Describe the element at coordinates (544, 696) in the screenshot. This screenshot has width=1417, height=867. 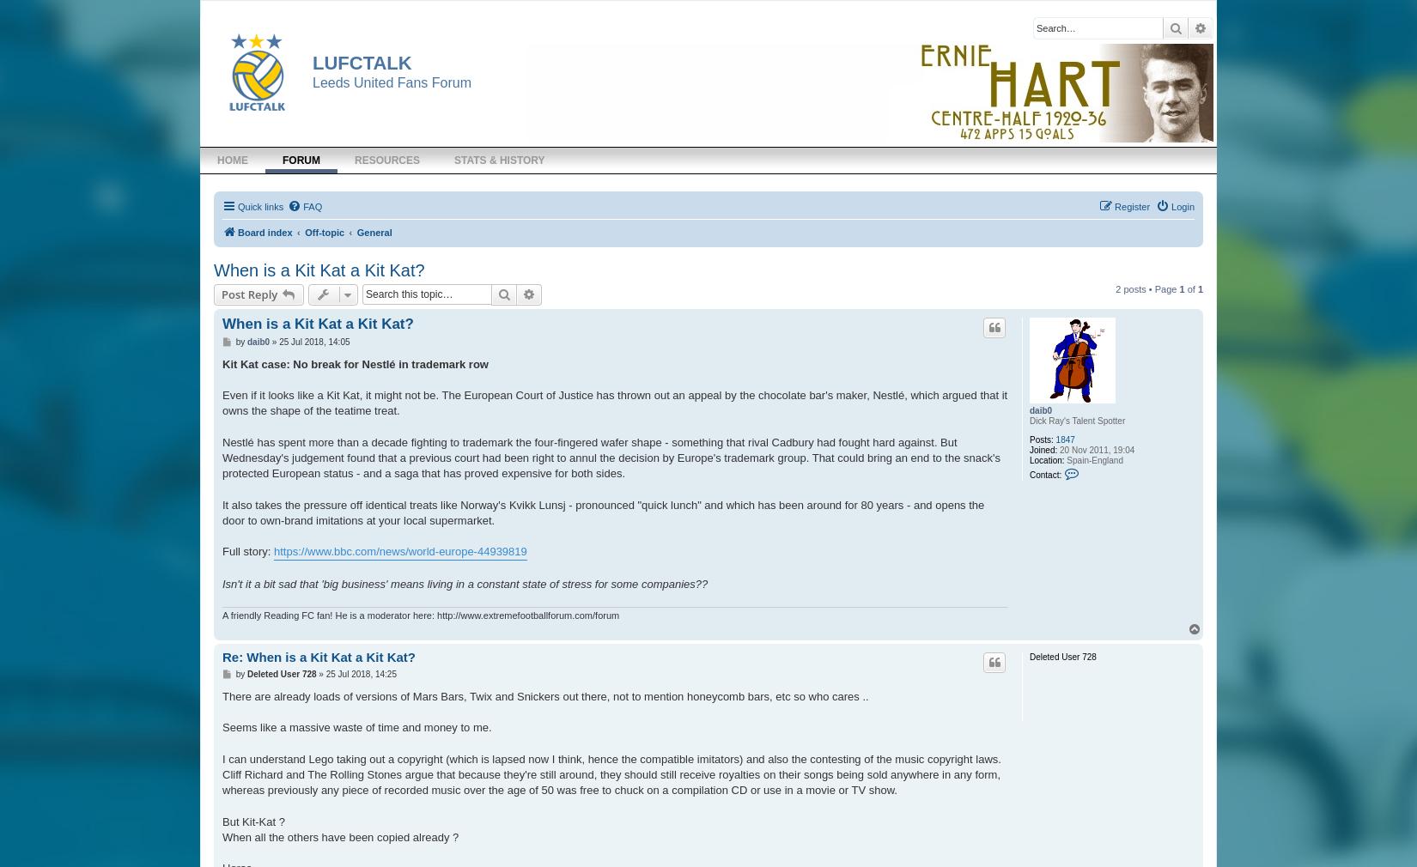
I see `'There are already loads of versions of Mars Bars, Twix and Snickers out there, not to mention honeycomb bars, etc so who cares ..'` at that location.